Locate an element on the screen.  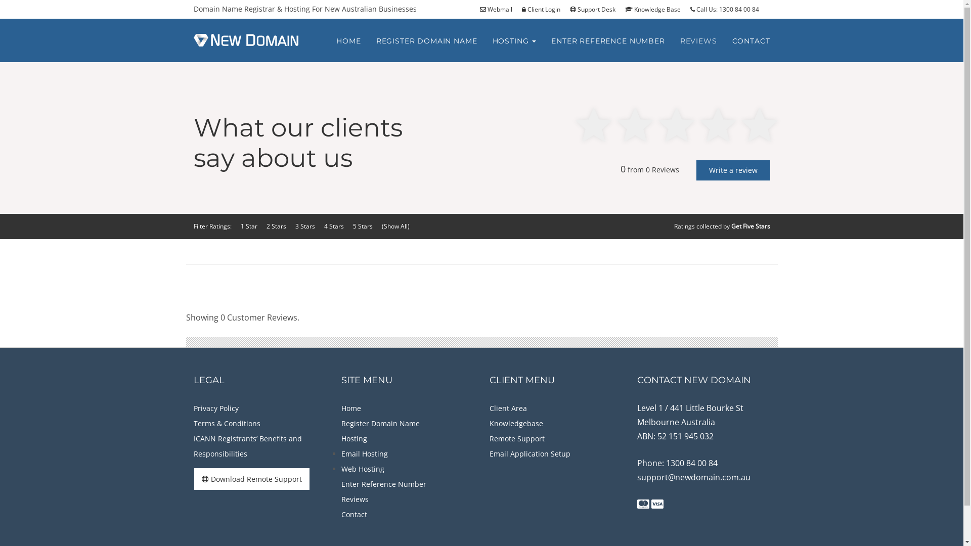
'(Show All)' is located at coordinates (394, 225).